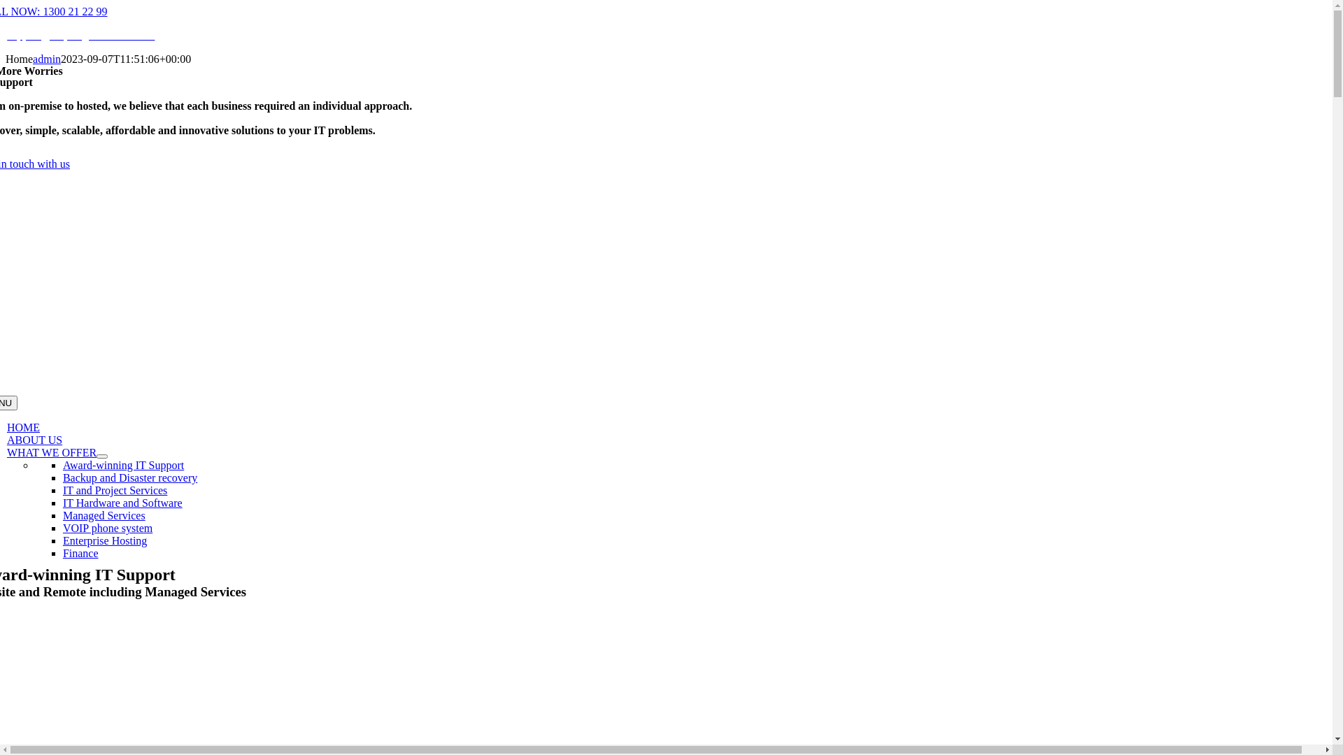  What do you see at coordinates (5, 5) in the screenshot?
I see `'Skip to content'` at bounding box center [5, 5].